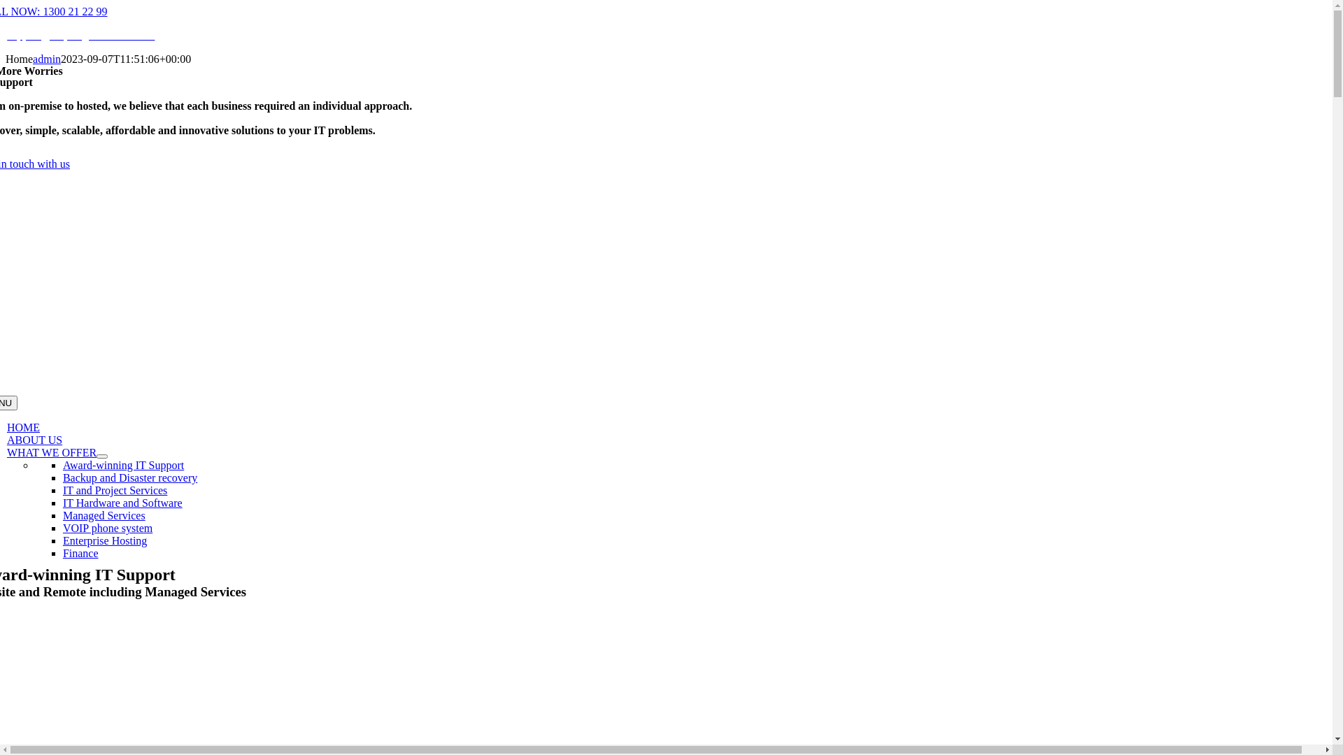  What do you see at coordinates (5, 5) in the screenshot?
I see `'Skip to content'` at bounding box center [5, 5].